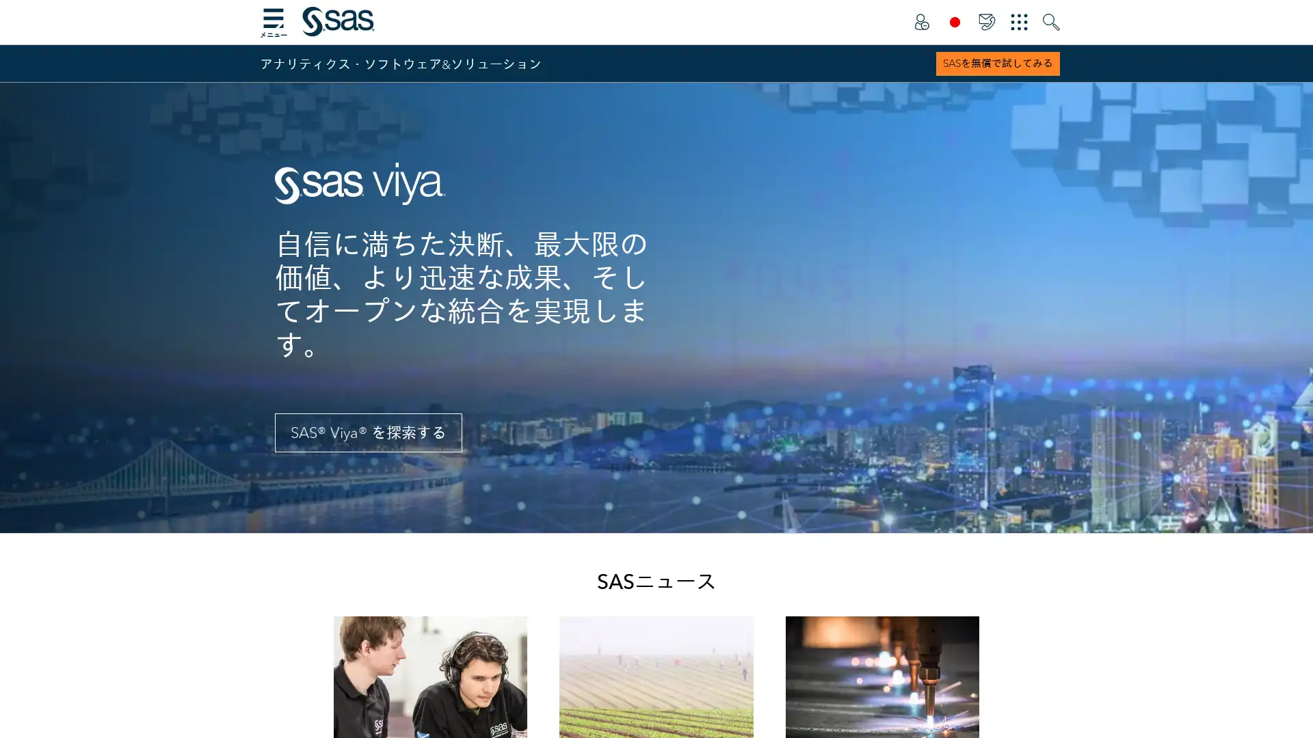 The width and height of the screenshot is (1313, 738). I want to click on Sign In, so click(921, 22).